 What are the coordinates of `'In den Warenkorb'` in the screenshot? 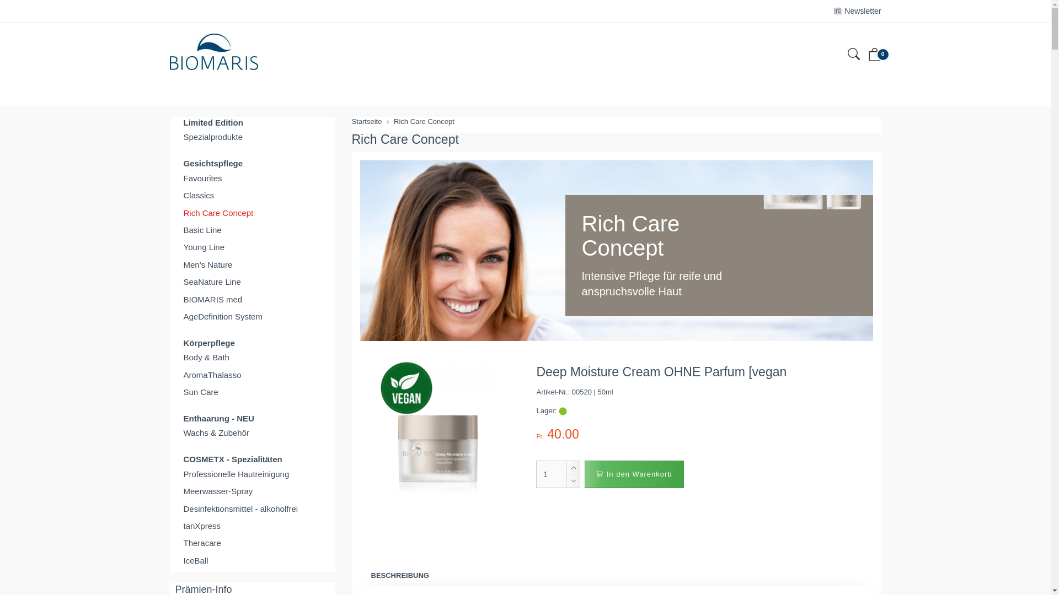 It's located at (634, 473).